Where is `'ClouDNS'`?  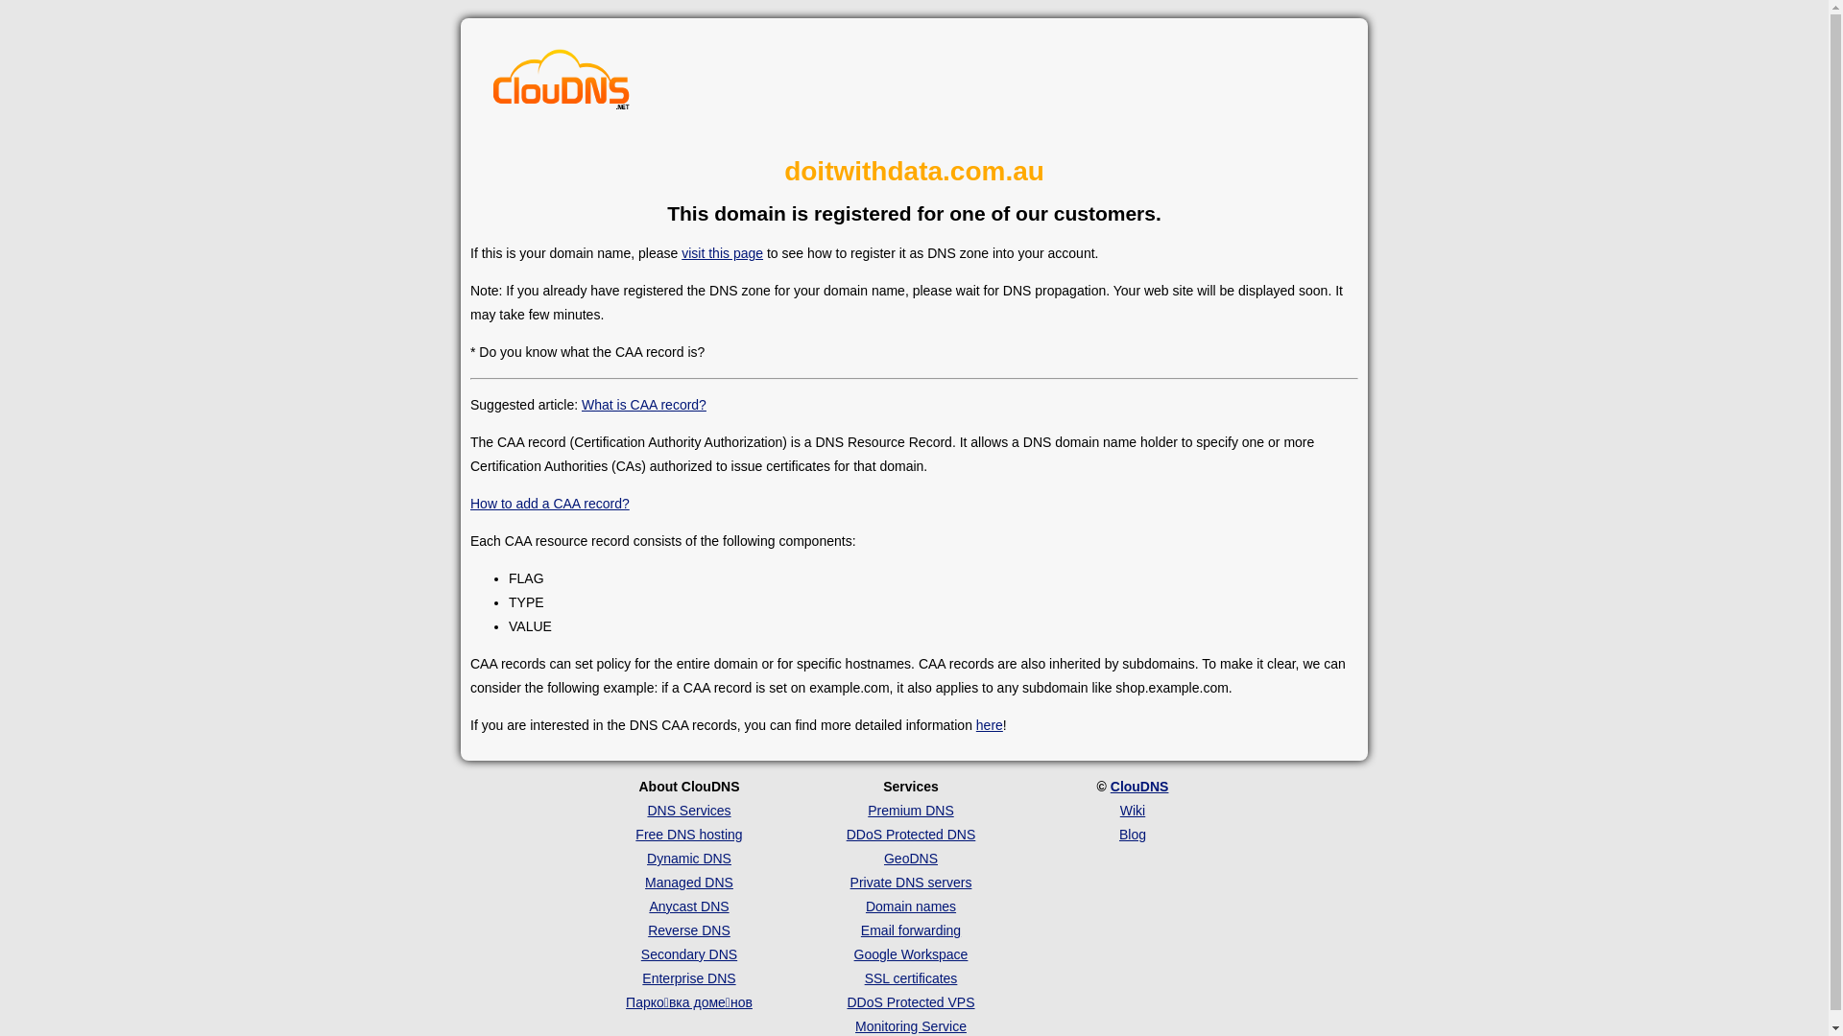
'ClouDNS' is located at coordinates (1110, 787).